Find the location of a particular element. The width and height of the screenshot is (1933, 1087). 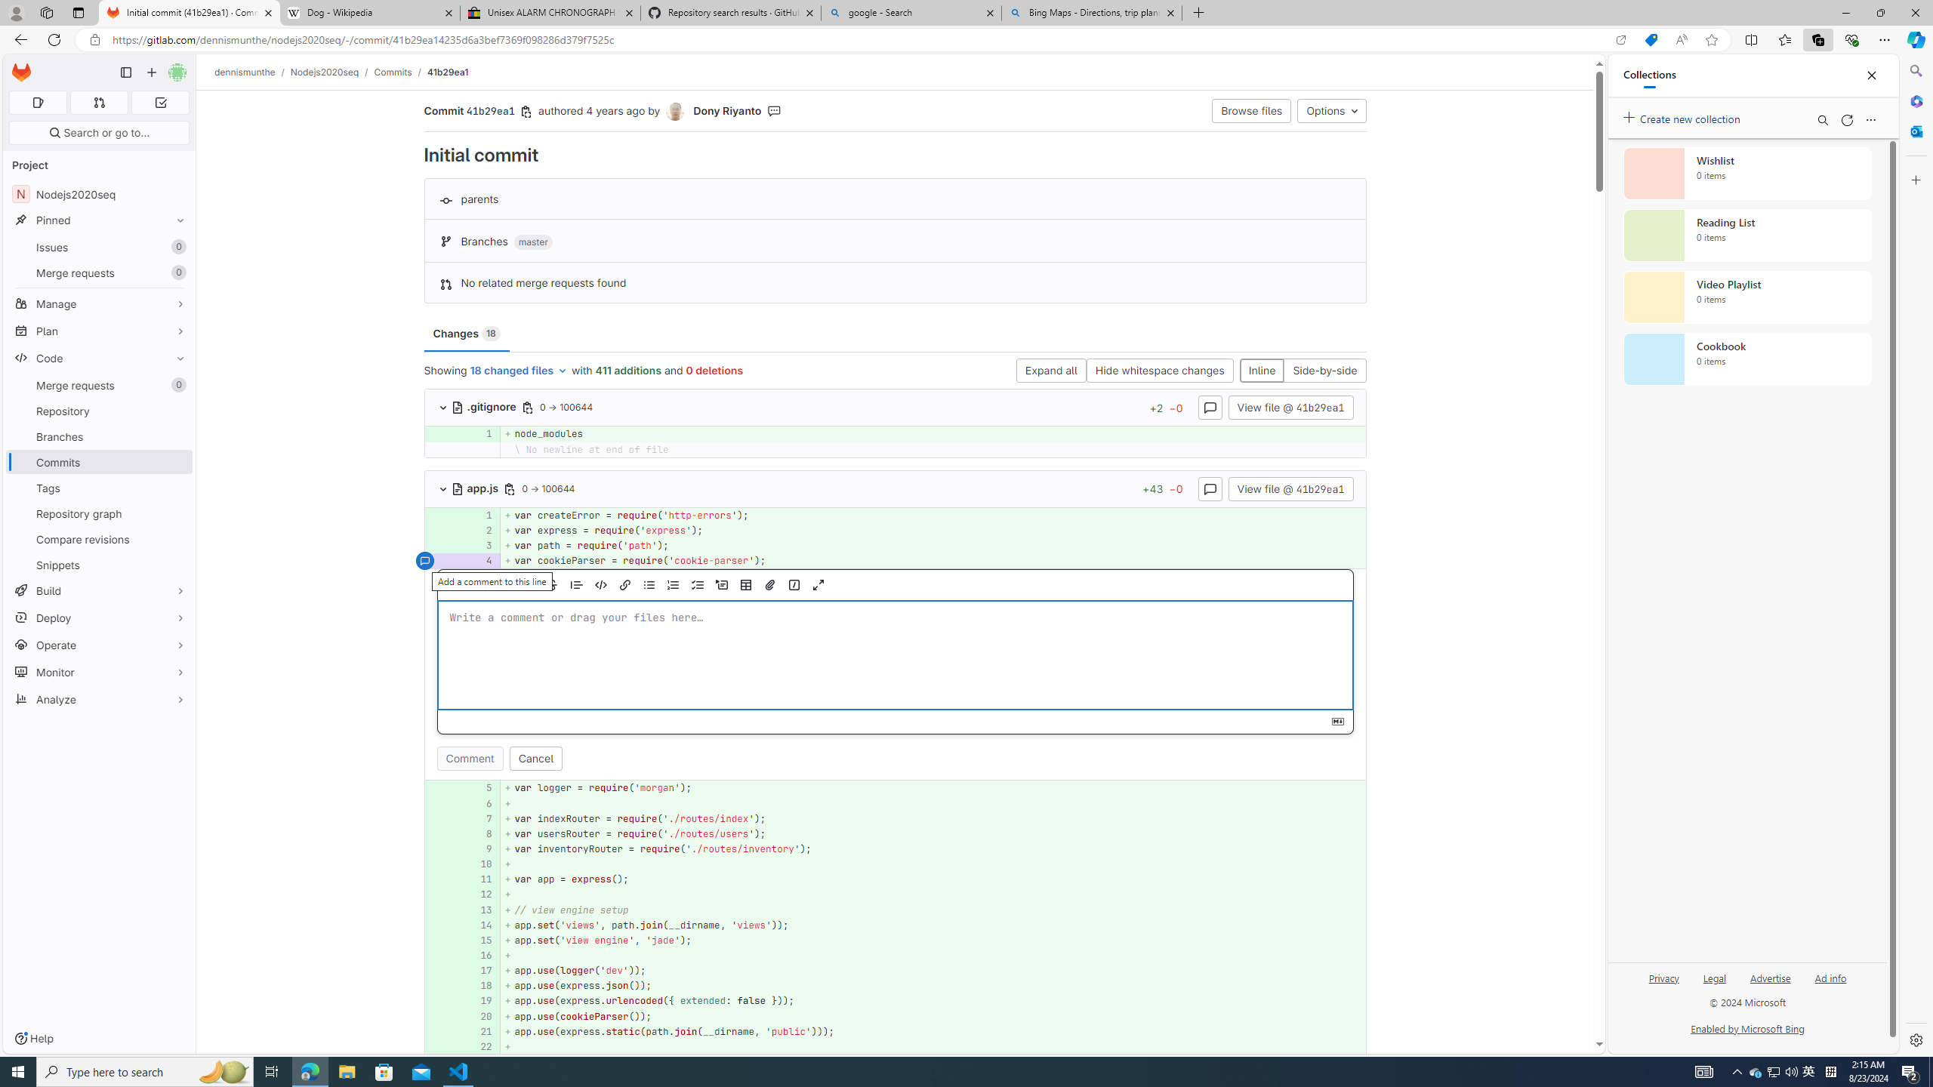

'Wishlist collection, 0 items' is located at coordinates (1747, 173).